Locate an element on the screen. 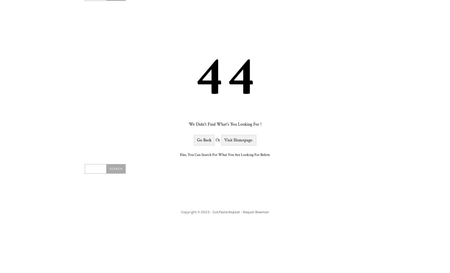  'Copyright ©' is located at coordinates (191, 212).